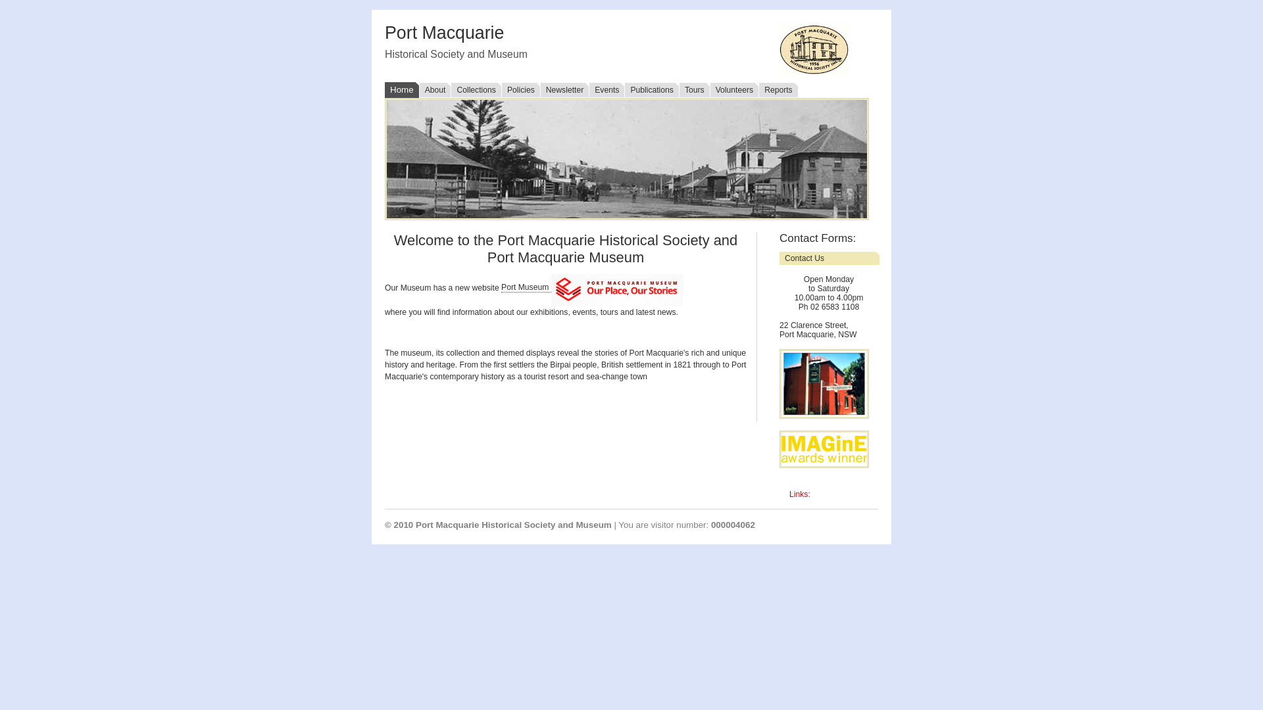 The width and height of the screenshot is (1263, 710). What do you see at coordinates (651, 89) in the screenshot?
I see `'Publications'` at bounding box center [651, 89].